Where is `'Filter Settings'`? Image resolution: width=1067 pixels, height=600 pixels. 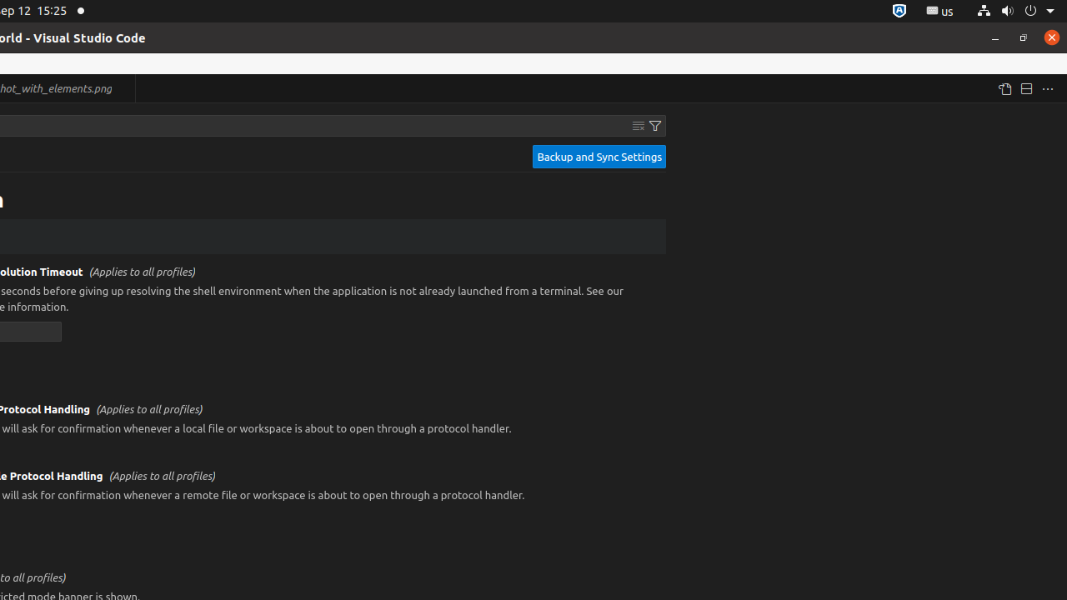
'Filter Settings' is located at coordinates (654, 124).